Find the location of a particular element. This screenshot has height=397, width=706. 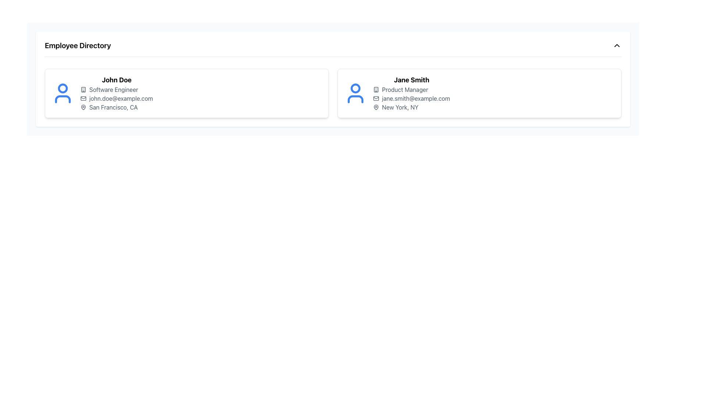

the text label 'Product Manager' with an icon representing a building, located in the user card for 'Jane Smith', situated below the name and above the email address is located at coordinates (411, 89).